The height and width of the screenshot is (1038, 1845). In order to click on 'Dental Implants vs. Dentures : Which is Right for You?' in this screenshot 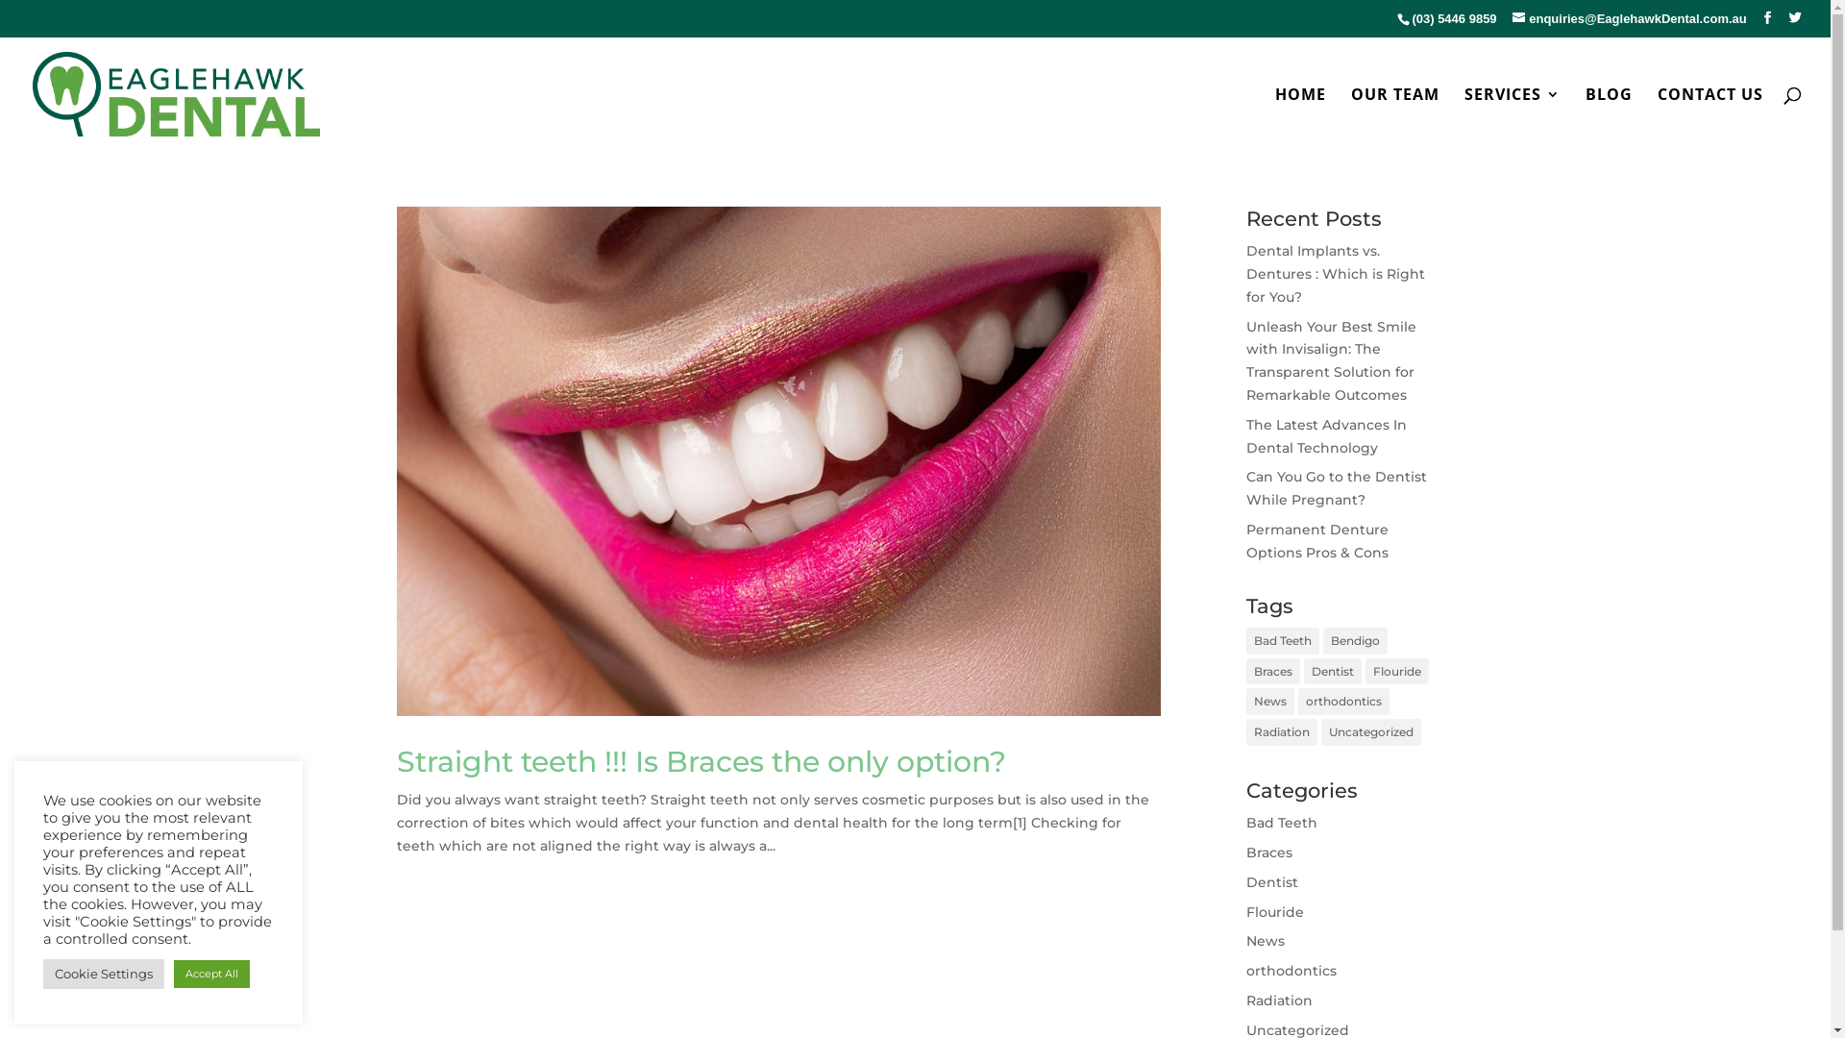, I will do `click(1245, 274)`.